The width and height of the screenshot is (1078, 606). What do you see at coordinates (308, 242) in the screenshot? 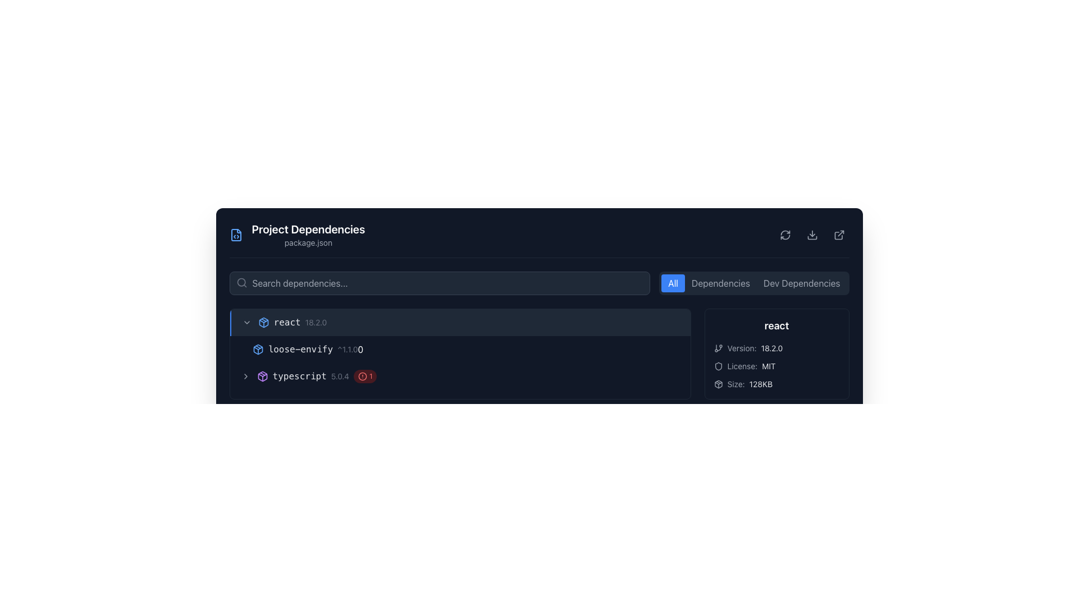
I see `the text label displaying 'package.json' which is located beneath the 'Project Dependencies' title` at bounding box center [308, 242].